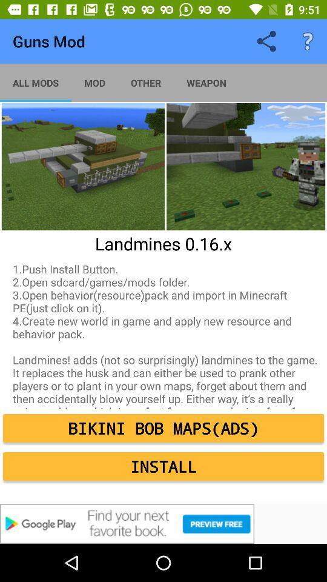 The width and height of the screenshot is (327, 582). Describe the element at coordinates (163, 523) in the screenshot. I see `advertisements` at that location.